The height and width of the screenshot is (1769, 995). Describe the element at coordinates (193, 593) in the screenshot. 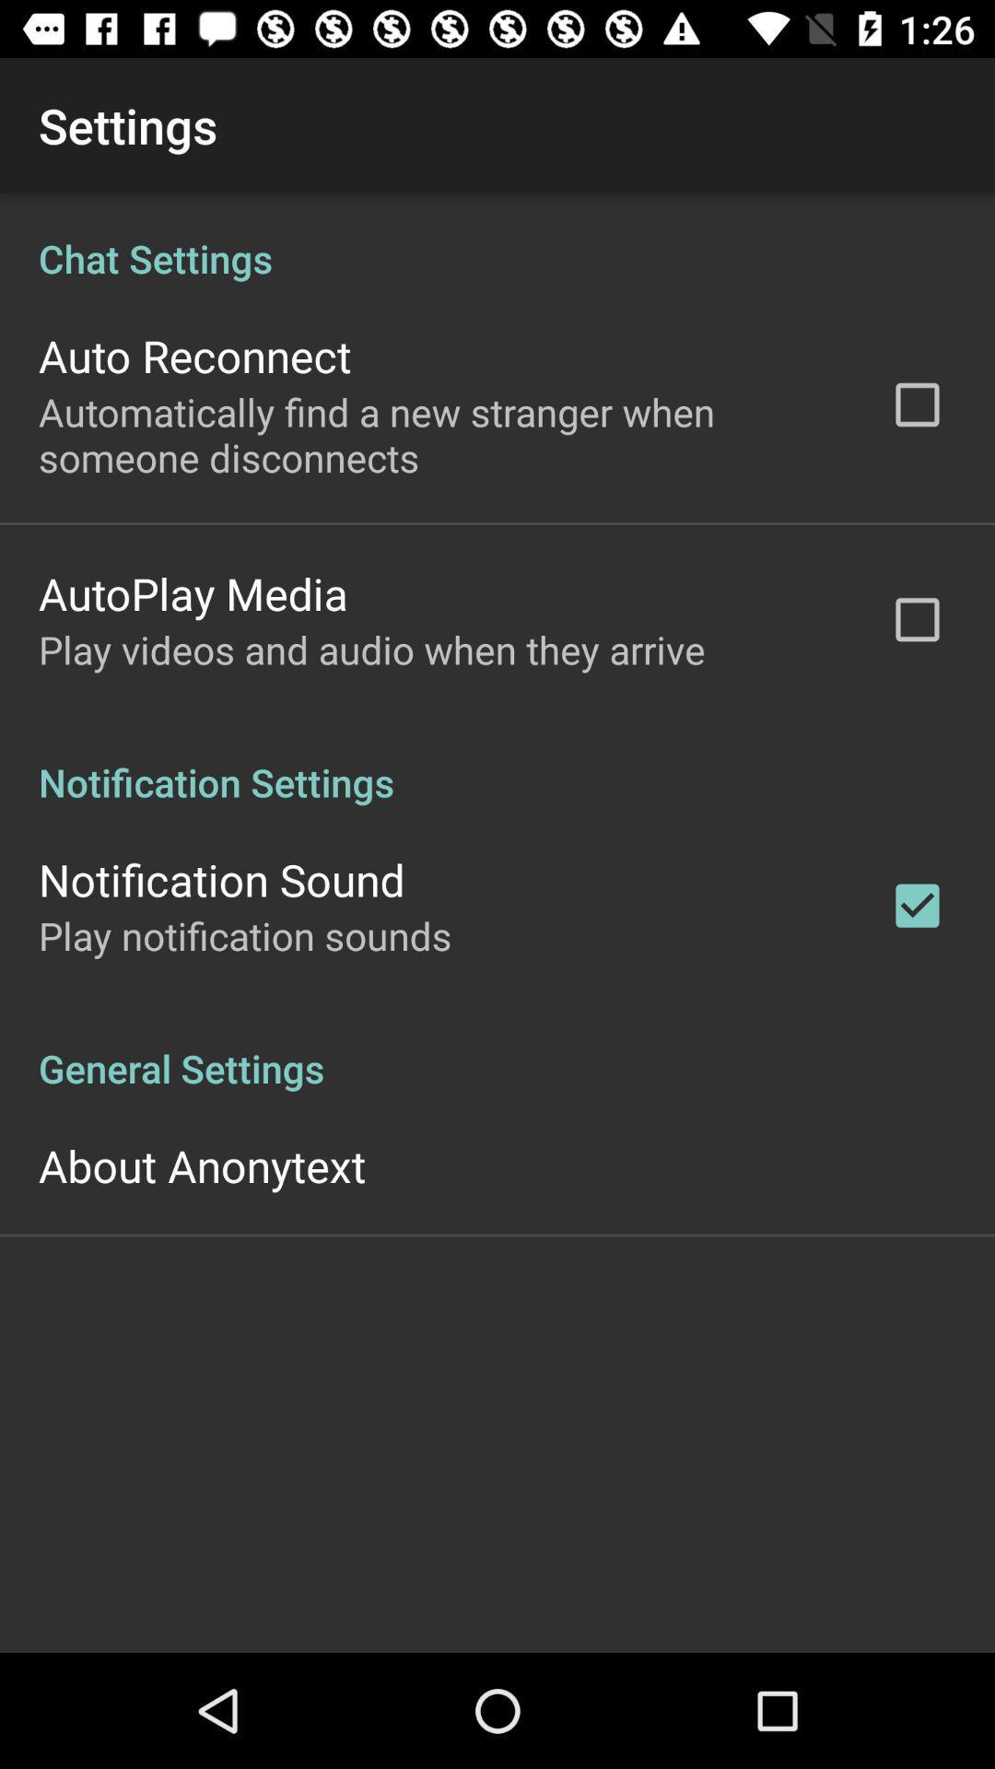

I see `the autoplay media icon` at that location.